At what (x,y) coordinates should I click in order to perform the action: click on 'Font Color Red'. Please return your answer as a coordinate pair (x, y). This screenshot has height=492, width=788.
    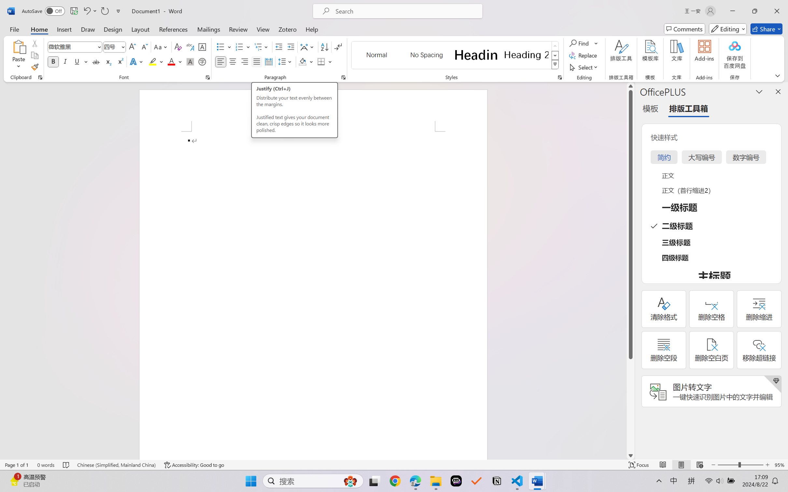
    Looking at the image, I should click on (172, 61).